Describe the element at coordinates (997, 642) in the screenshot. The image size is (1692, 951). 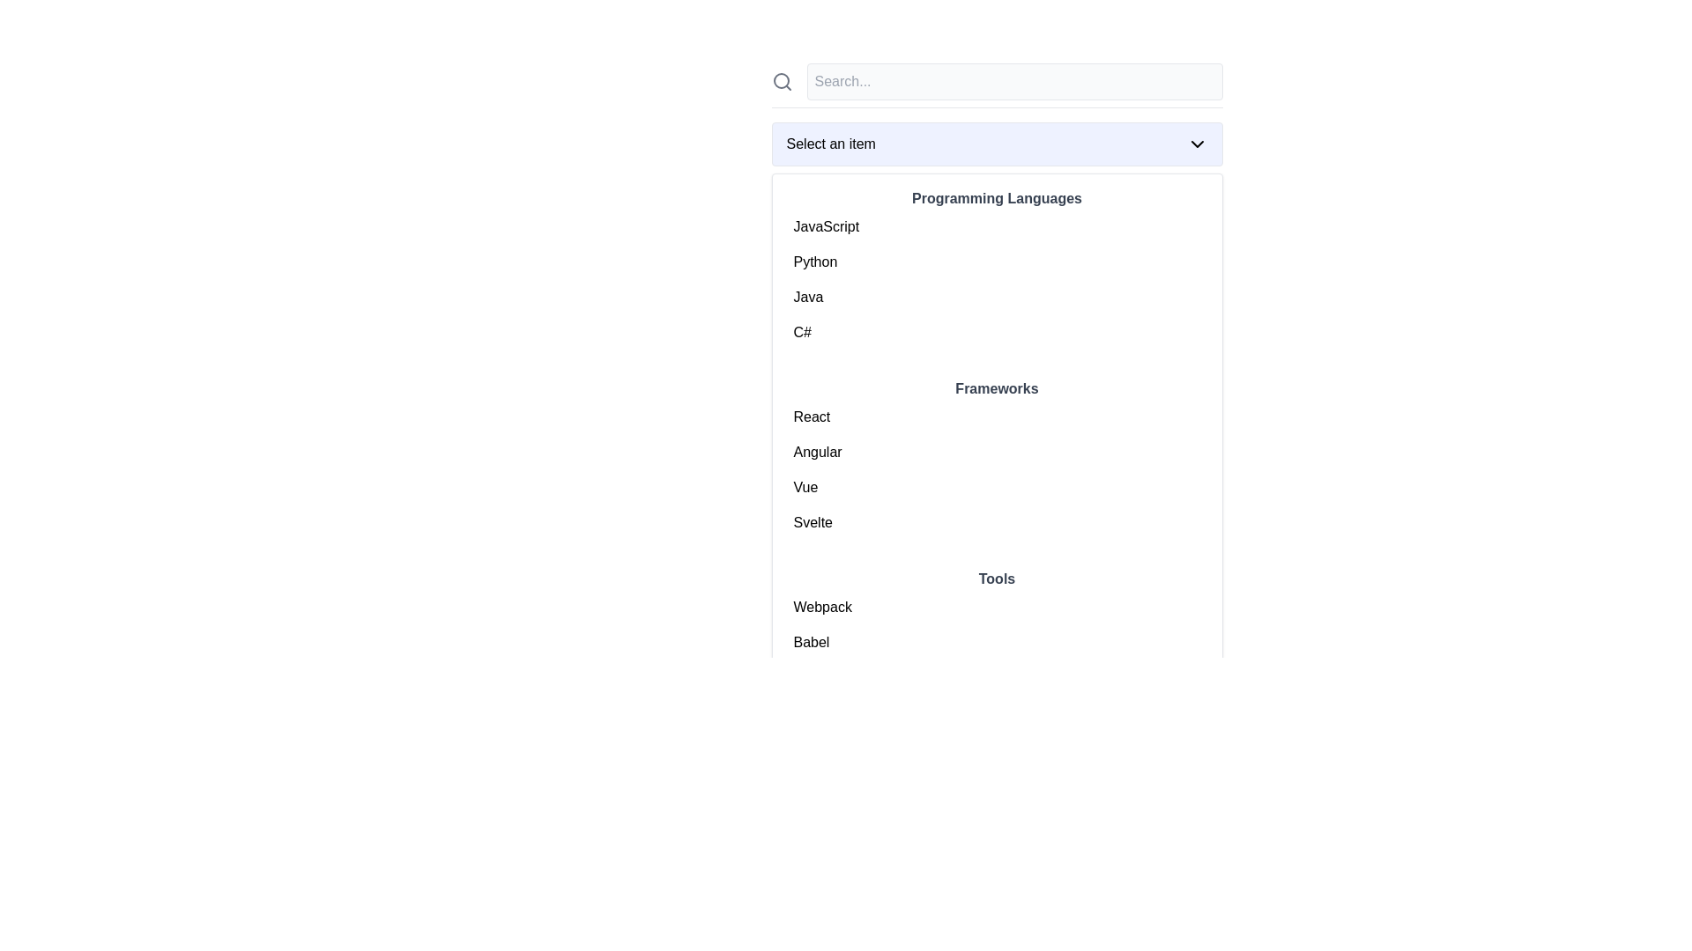
I see `the second item in the Tools list labeled 'Babel'` at that location.